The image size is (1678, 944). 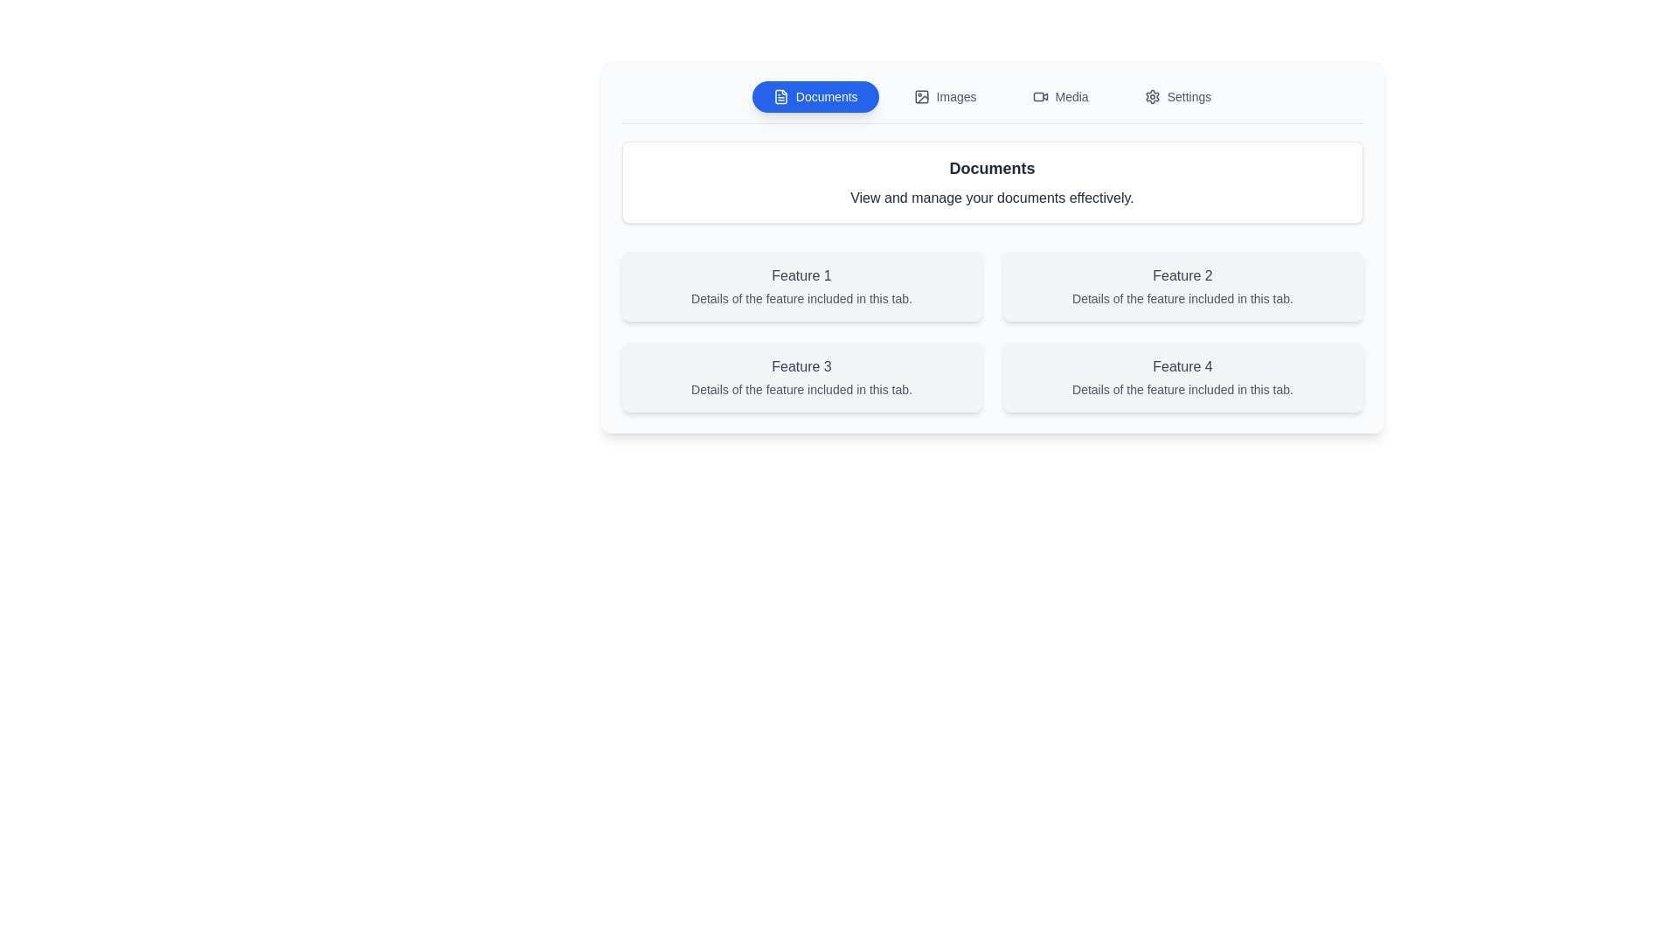 I want to click on the card displaying 'Feature 3', which is located in the third position of the grid, below 'Feature 1' and to the left of 'Feature 4', so click(x=801, y=377).